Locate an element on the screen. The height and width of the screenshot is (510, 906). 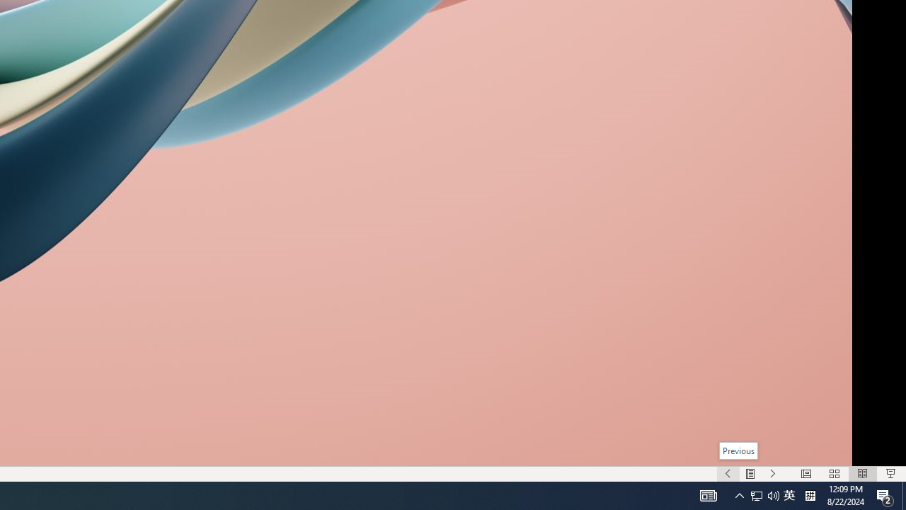
'Slide Show Next On' is located at coordinates (772, 474).